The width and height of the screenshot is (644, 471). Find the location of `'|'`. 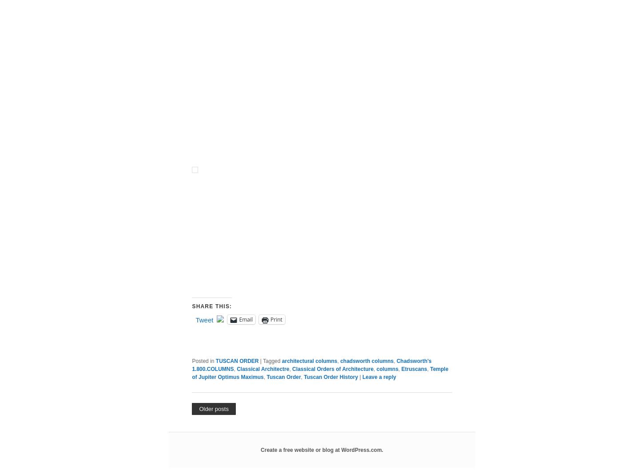

'|' is located at coordinates (351, 220).